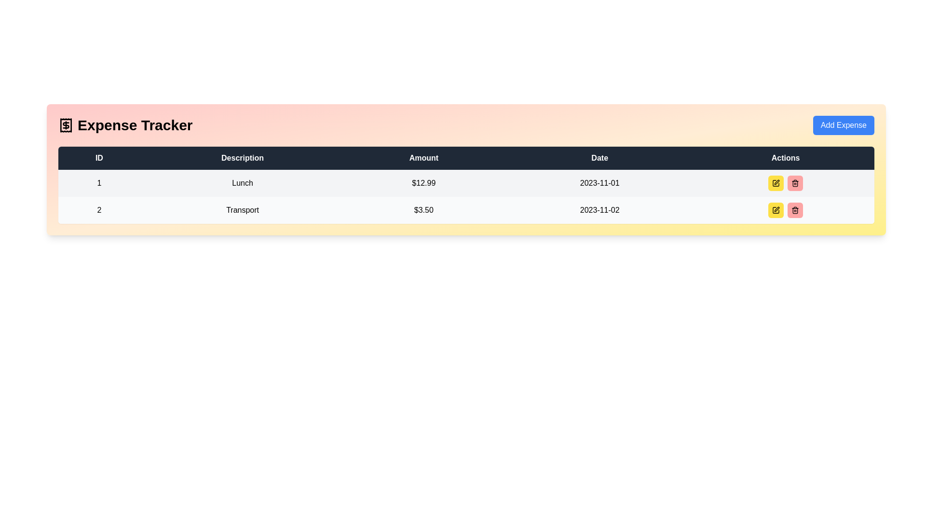 The image size is (926, 521). I want to click on the linked parts of the first table row displaying information about an expense, which includes ID '1', description 'Lunch', amount '$12.99', and date '2023-11-01', so click(466, 183).